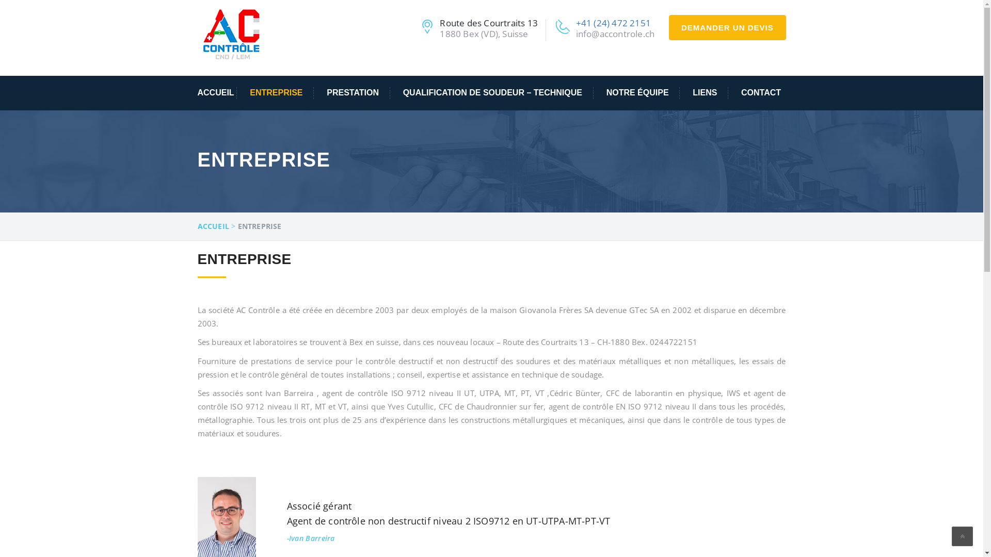 The image size is (991, 557). I want to click on 'PRESTATION', so click(353, 93).